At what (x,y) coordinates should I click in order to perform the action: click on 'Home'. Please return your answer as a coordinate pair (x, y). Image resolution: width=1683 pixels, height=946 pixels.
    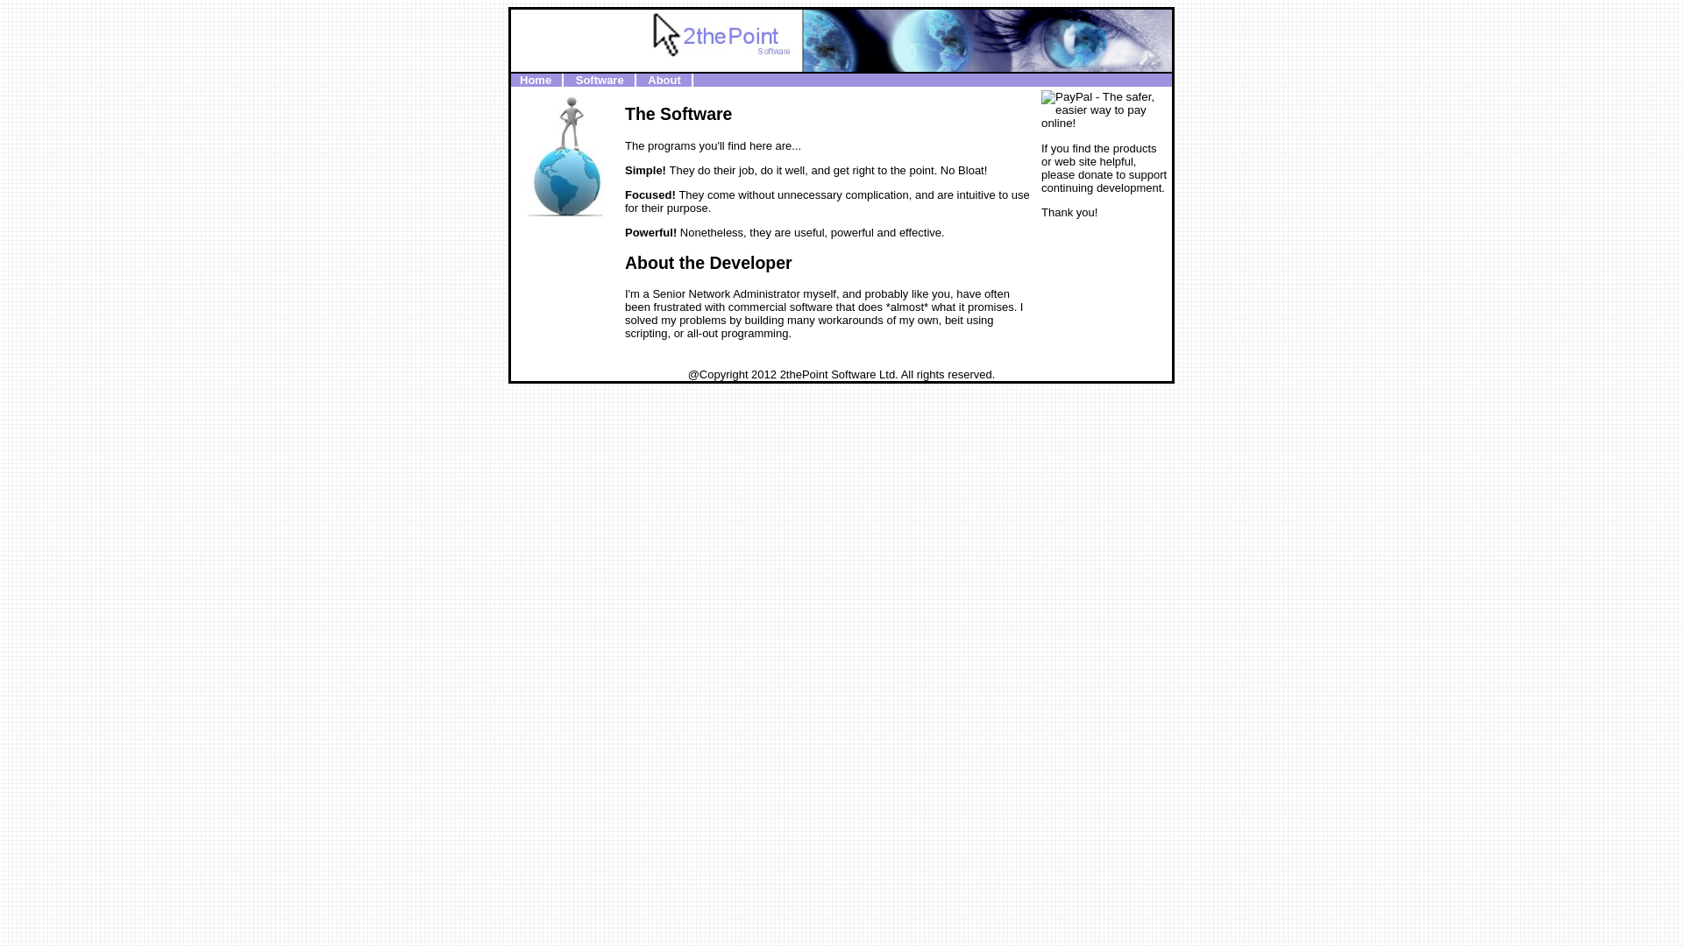
    Looking at the image, I should click on (534, 80).